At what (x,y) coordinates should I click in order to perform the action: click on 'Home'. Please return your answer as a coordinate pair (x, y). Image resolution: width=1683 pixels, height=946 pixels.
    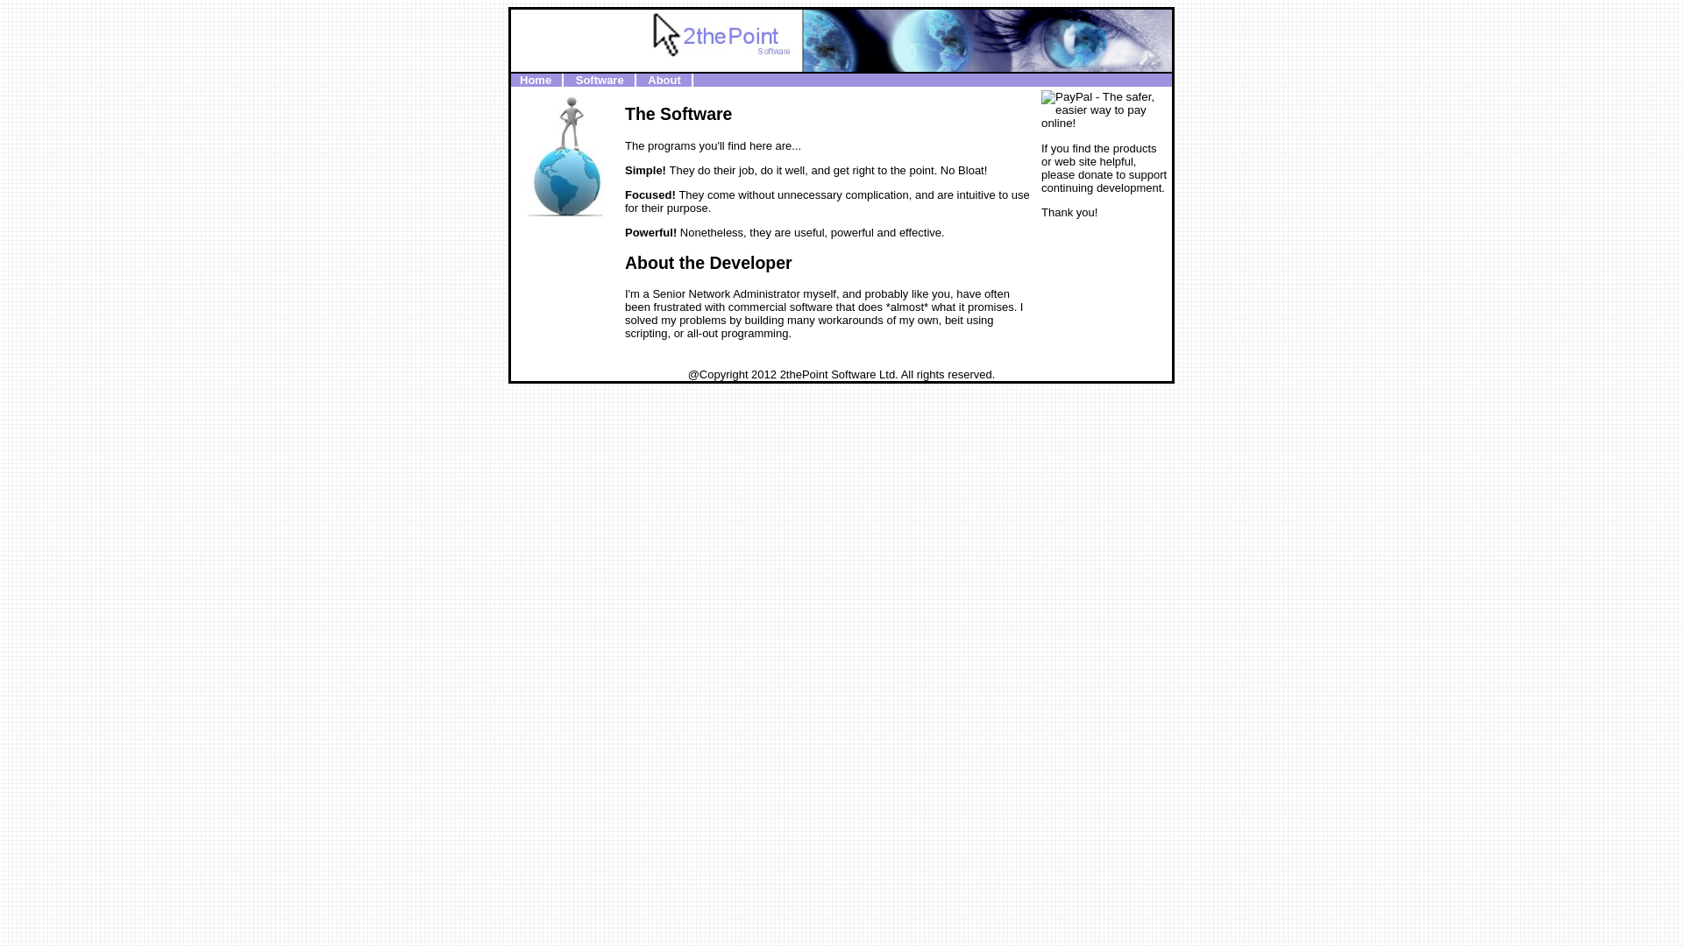
    Looking at the image, I should click on (534, 80).